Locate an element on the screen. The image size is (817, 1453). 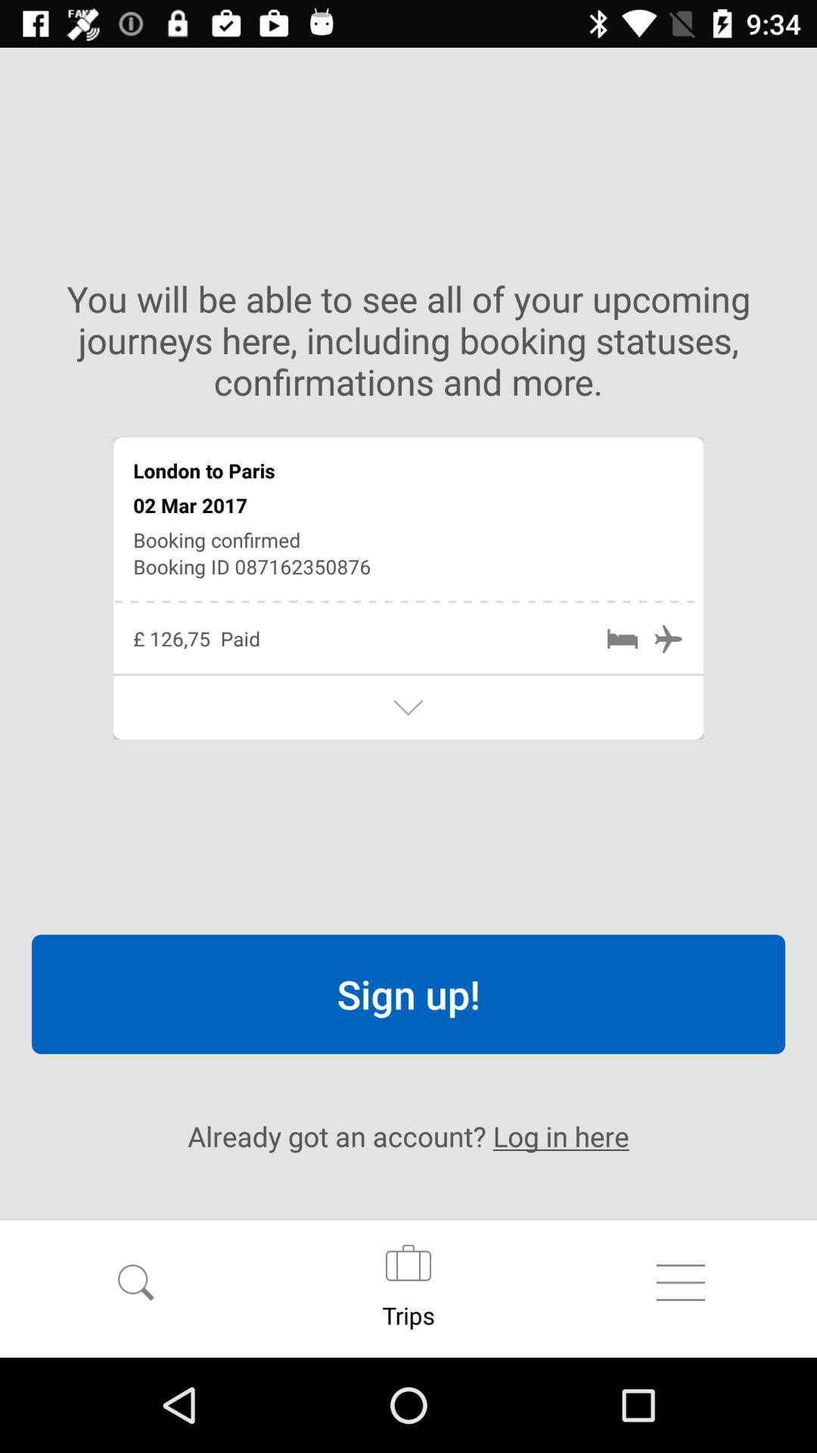
already got an is located at coordinates (408, 1136).